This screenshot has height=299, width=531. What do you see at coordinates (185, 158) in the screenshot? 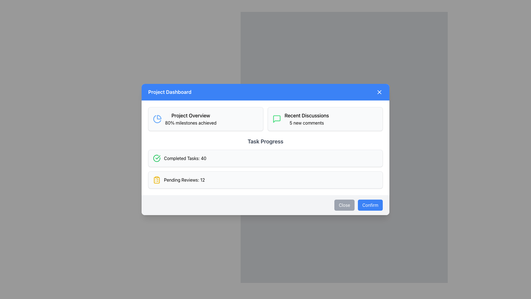
I see `the static text displaying the number of completed tasks in the 'Task Progress' section of the dashboard, which is located under the 'Task Progress' title and features a green checkmark icon on the left` at bounding box center [185, 158].